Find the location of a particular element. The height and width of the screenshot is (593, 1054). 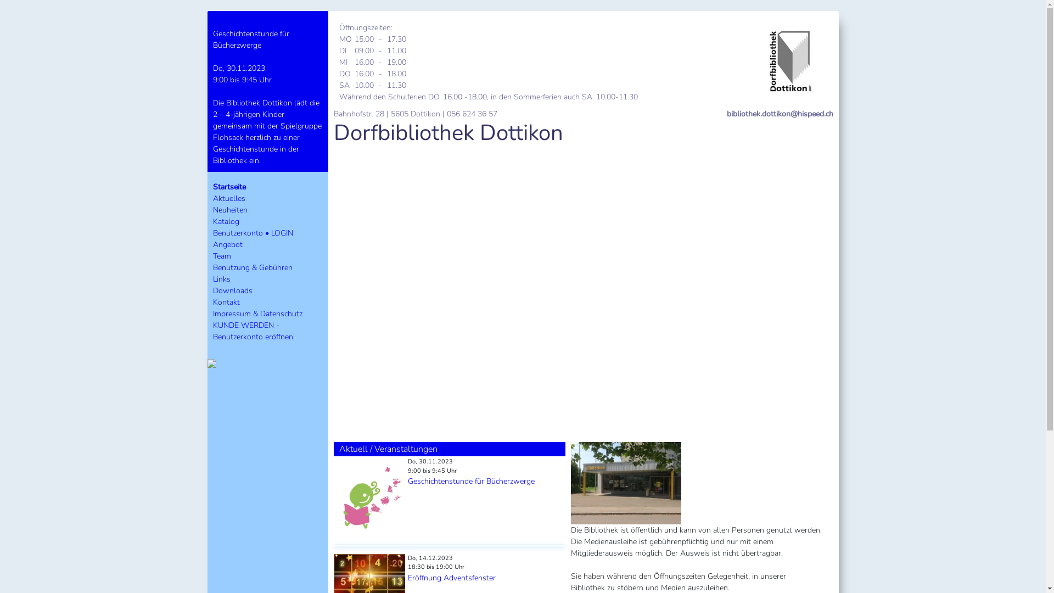

'Kontakt' is located at coordinates (226, 302).